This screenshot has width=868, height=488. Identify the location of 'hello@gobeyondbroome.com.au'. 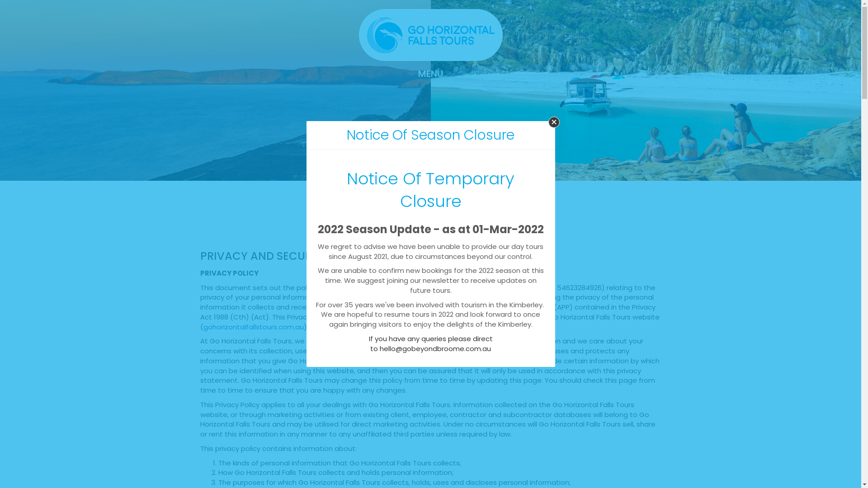
(435, 348).